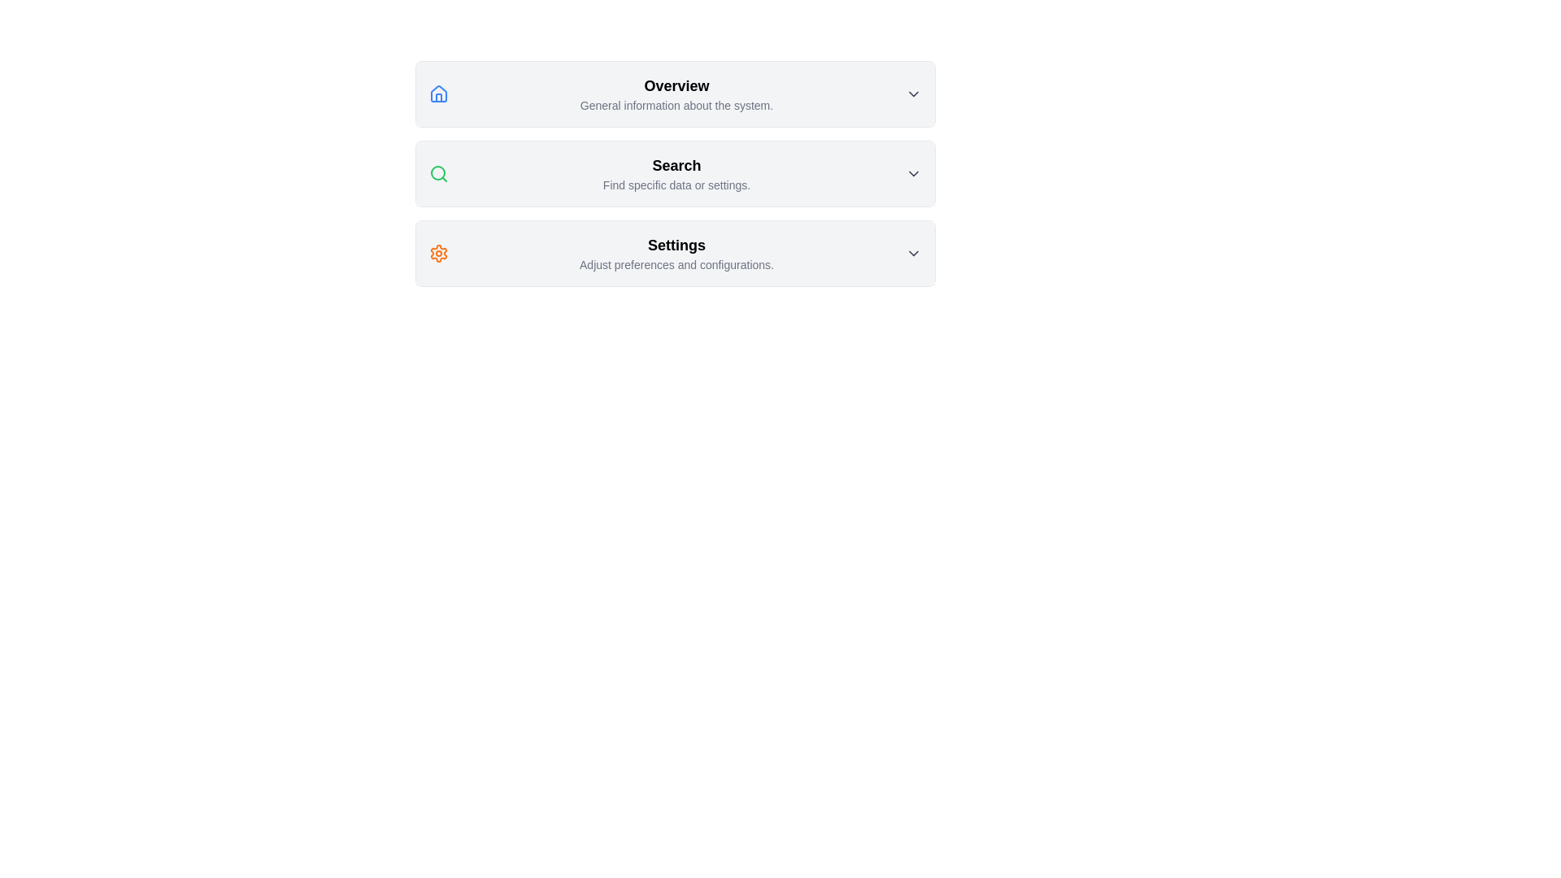 This screenshot has width=1561, height=878. Describe the element at coordinates (675, 173) in the screenshot. I see `the 'Search' button` at that location.